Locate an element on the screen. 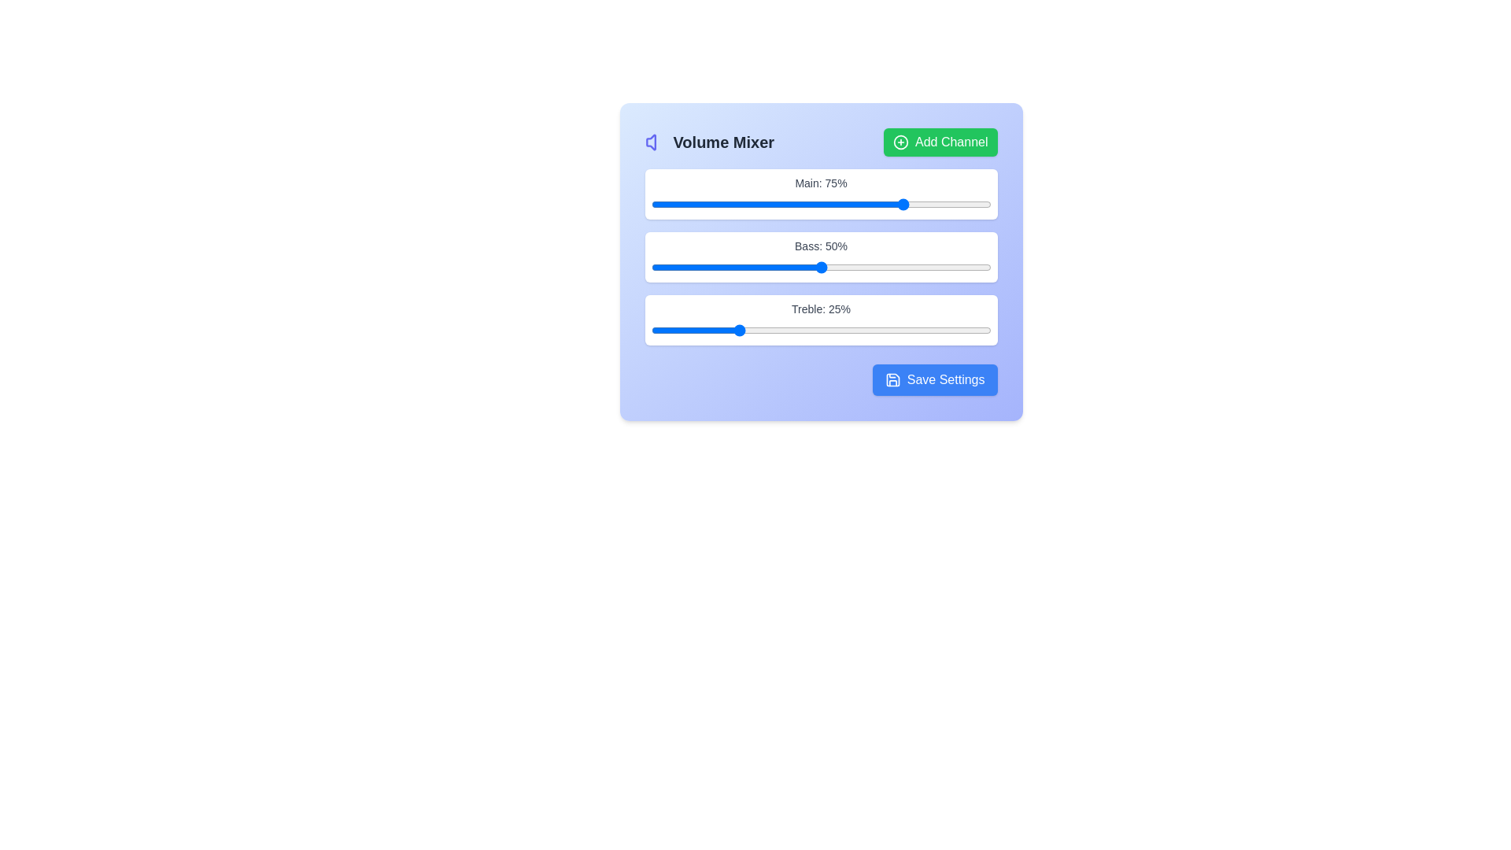 The width and height of the screenshot is (1511, 850). the 'Treble' range slider is located at coordinates (820, 320).